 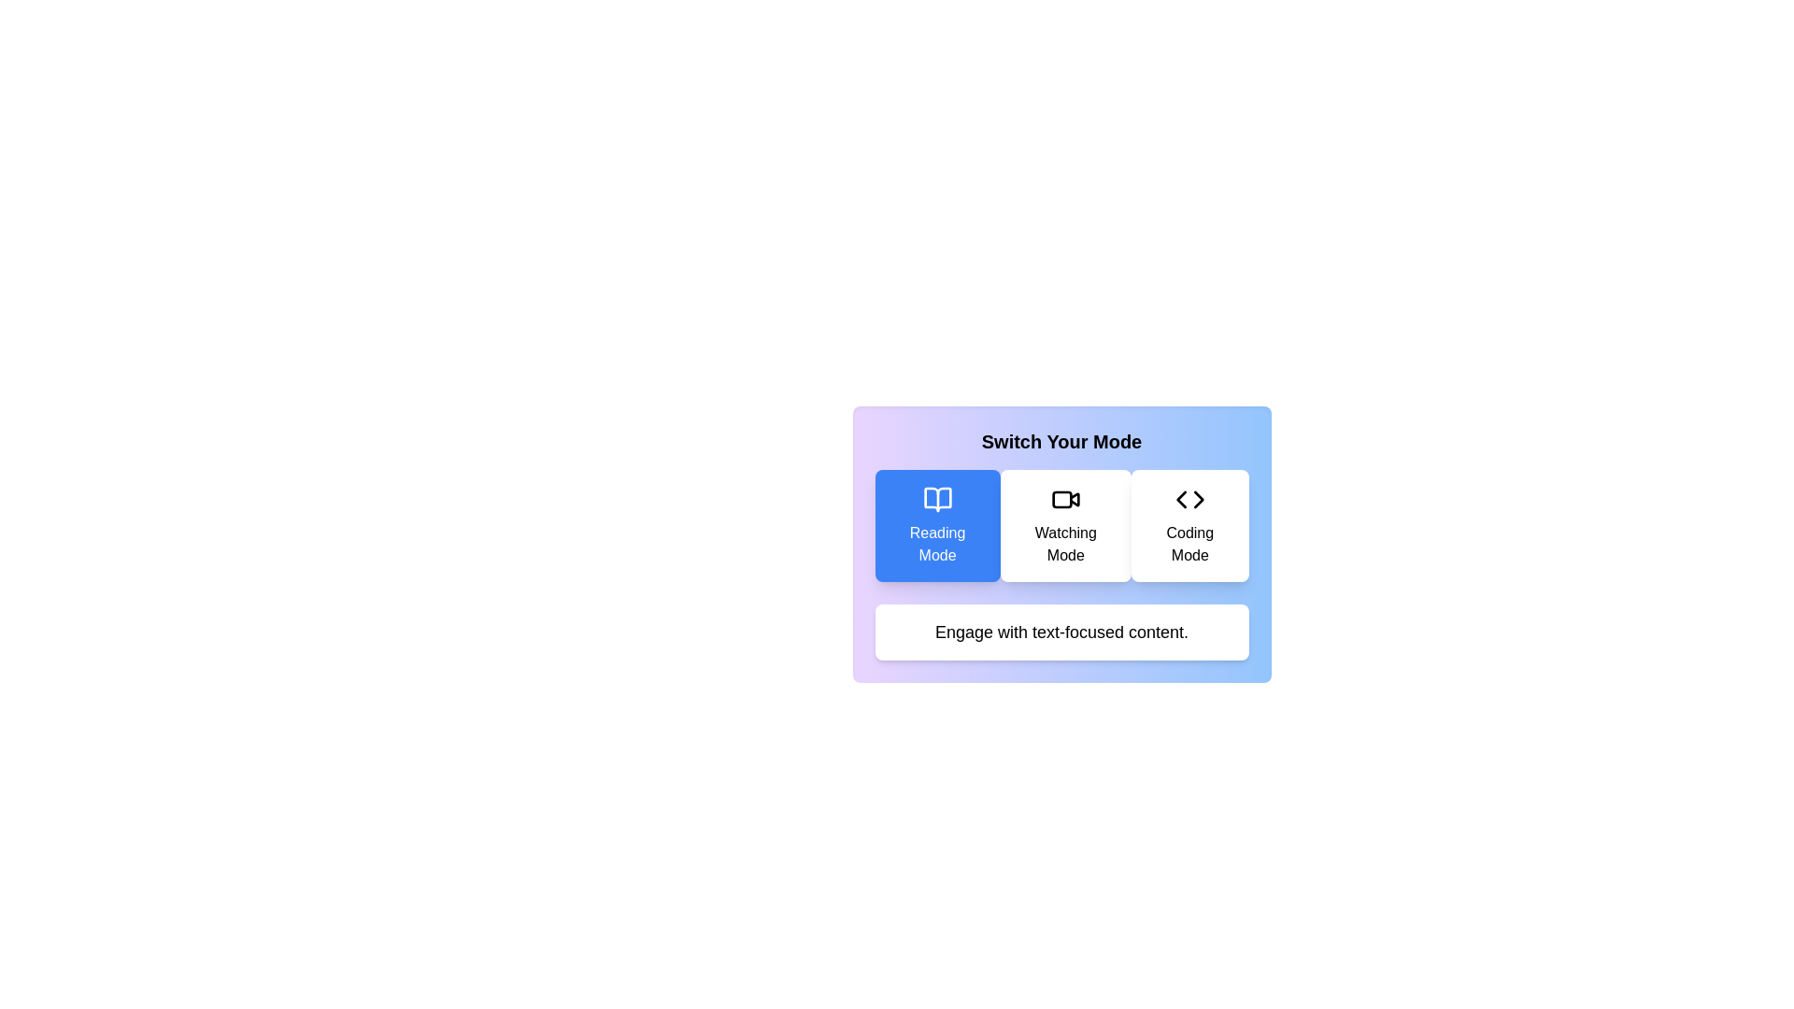 I want to click on the mode button labeled Reading Mode, so click(x=937, y=526).